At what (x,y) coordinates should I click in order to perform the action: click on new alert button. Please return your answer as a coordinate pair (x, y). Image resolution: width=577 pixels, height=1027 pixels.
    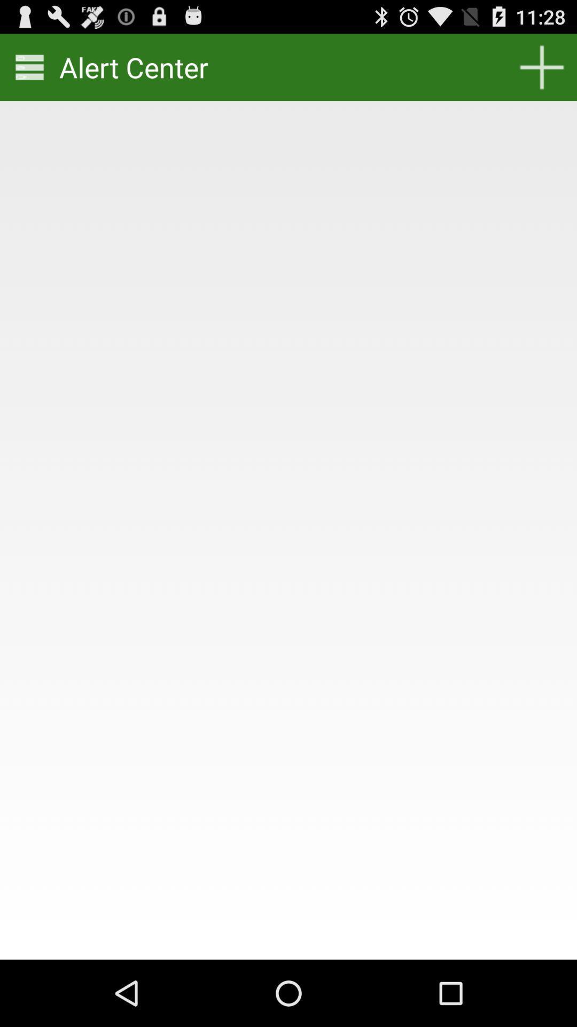
    Looking at the image, I should click on (542, 66).